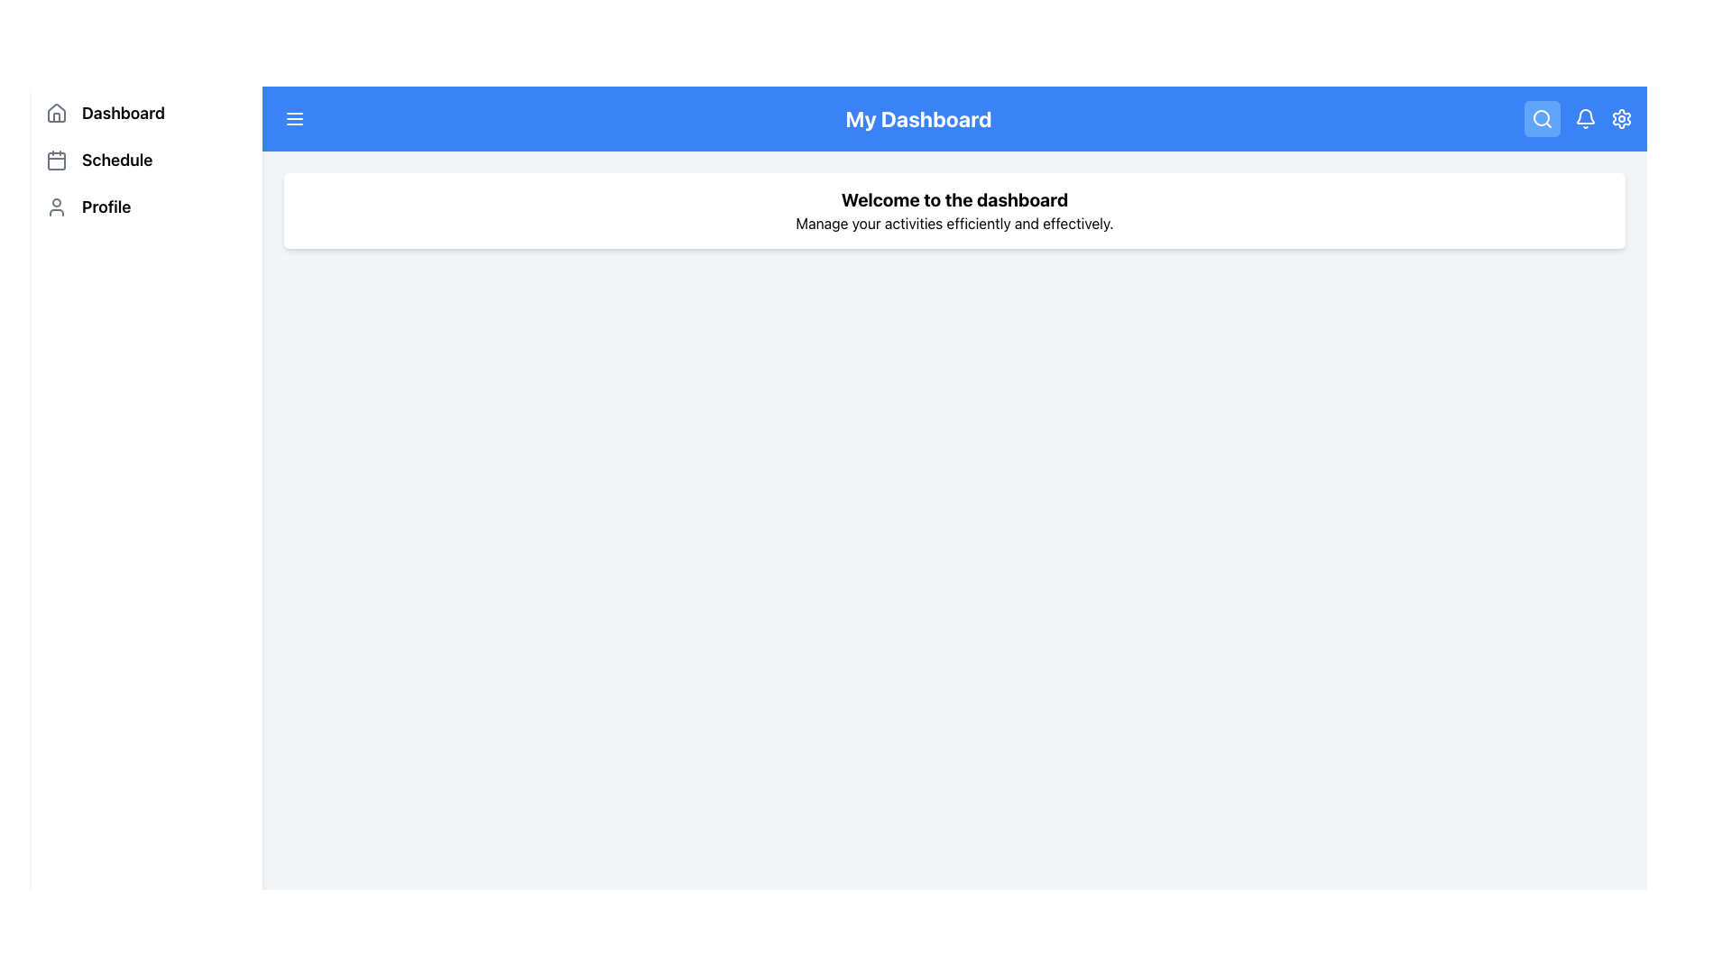 The width and height of the screenshot is (1732, 974). I want to click on the inner rectangle of the calendar icon for the 'Schedule' menu item in the sidebar navigation menu, so click(56, 160).